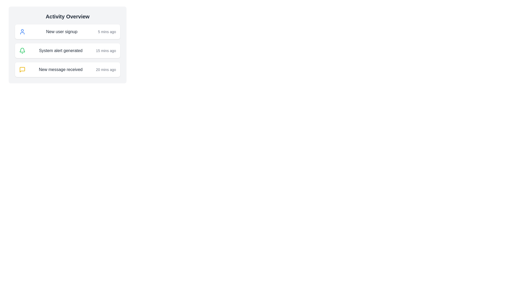 The height and width of the screenshot is (284, 505). I want to click on the bell icon that indicates a system-generated alert, located at the beginning of the second card in the vertical list, to the left of the text 'System alert generated', so click(22, 50).